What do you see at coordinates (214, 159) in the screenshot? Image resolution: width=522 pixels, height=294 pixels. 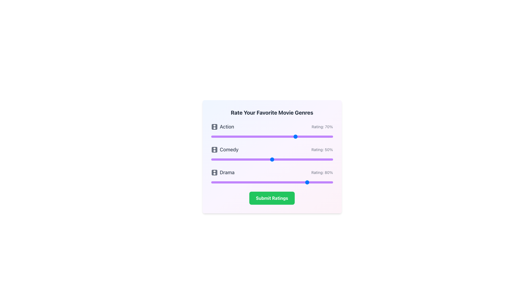 I see `the slider` at bounding box center [214, 159].